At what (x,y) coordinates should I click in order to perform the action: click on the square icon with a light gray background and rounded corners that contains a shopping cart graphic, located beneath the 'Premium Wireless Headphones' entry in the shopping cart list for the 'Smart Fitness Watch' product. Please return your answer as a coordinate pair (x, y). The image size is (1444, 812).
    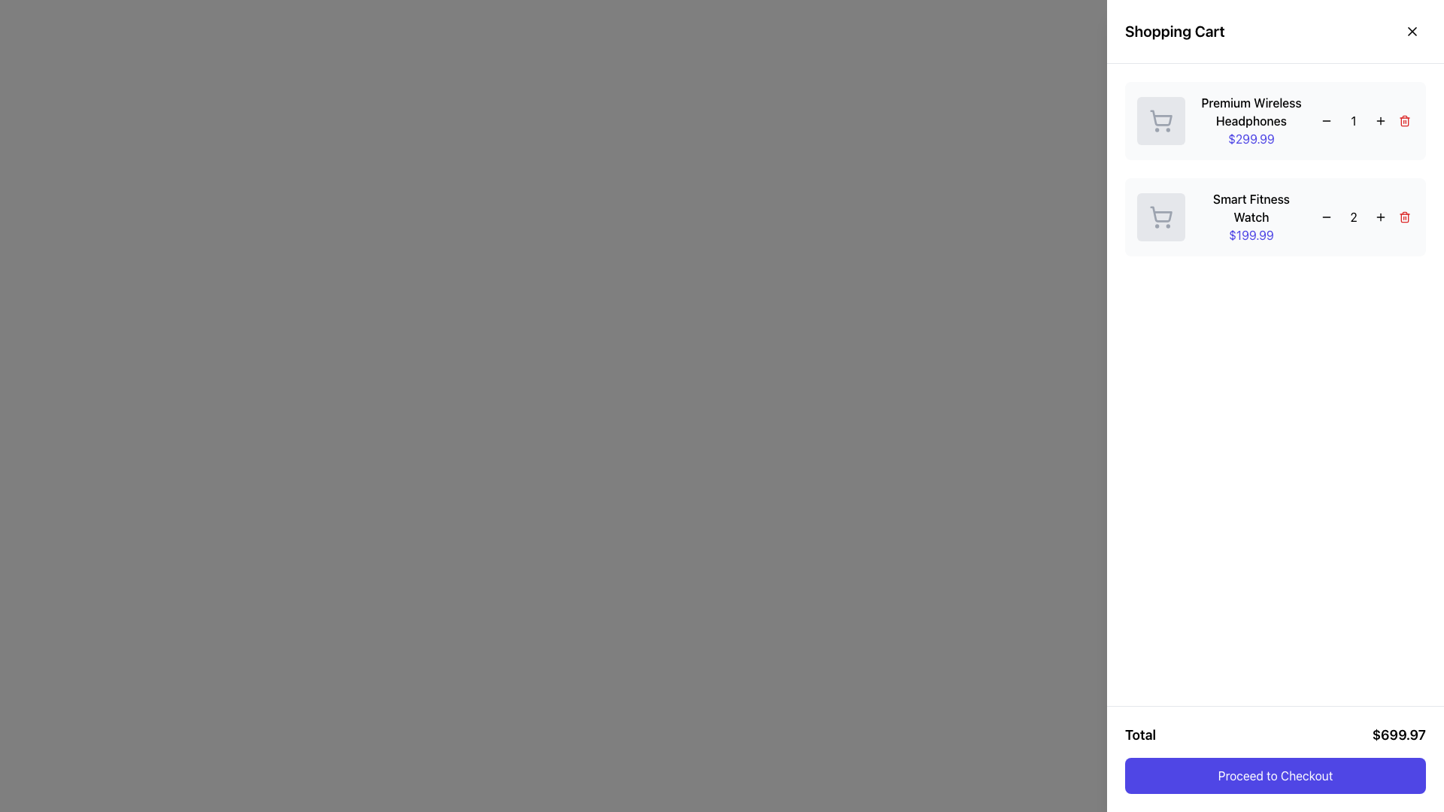
    Looking at the image, I should click on (1160, 217).